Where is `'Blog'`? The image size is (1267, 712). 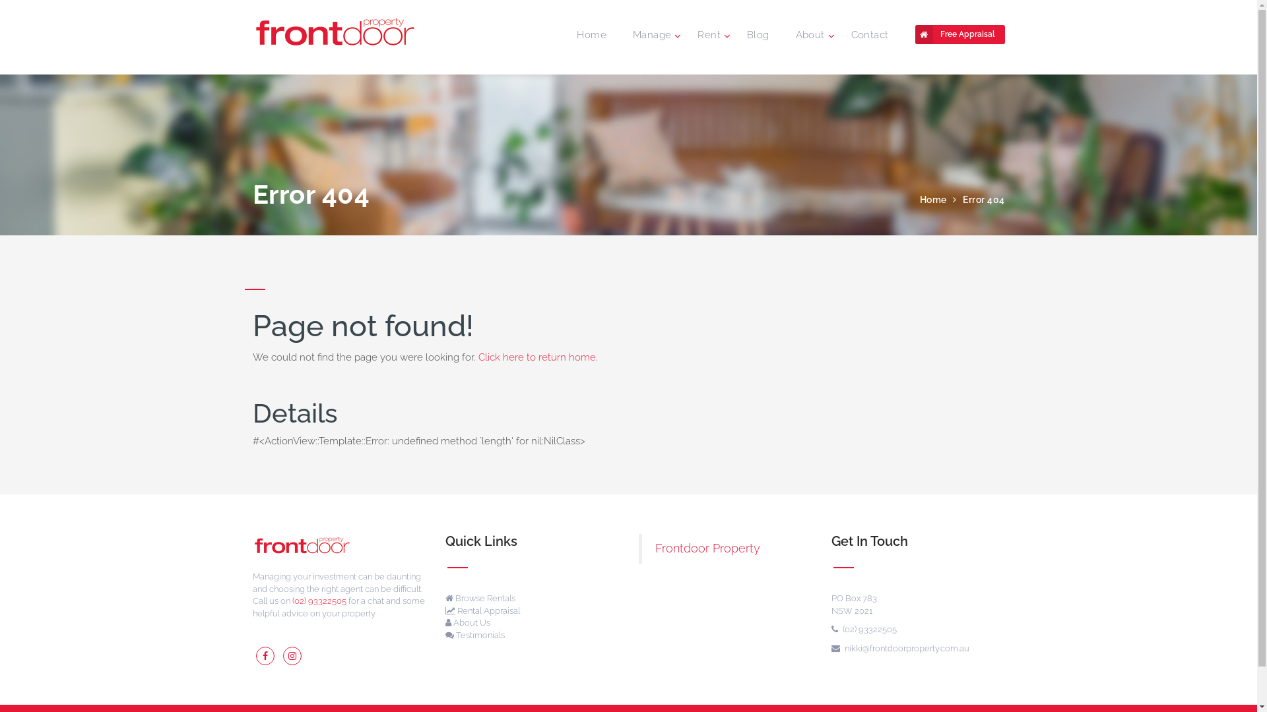
'Blog' is located at coordinates (758, 34).